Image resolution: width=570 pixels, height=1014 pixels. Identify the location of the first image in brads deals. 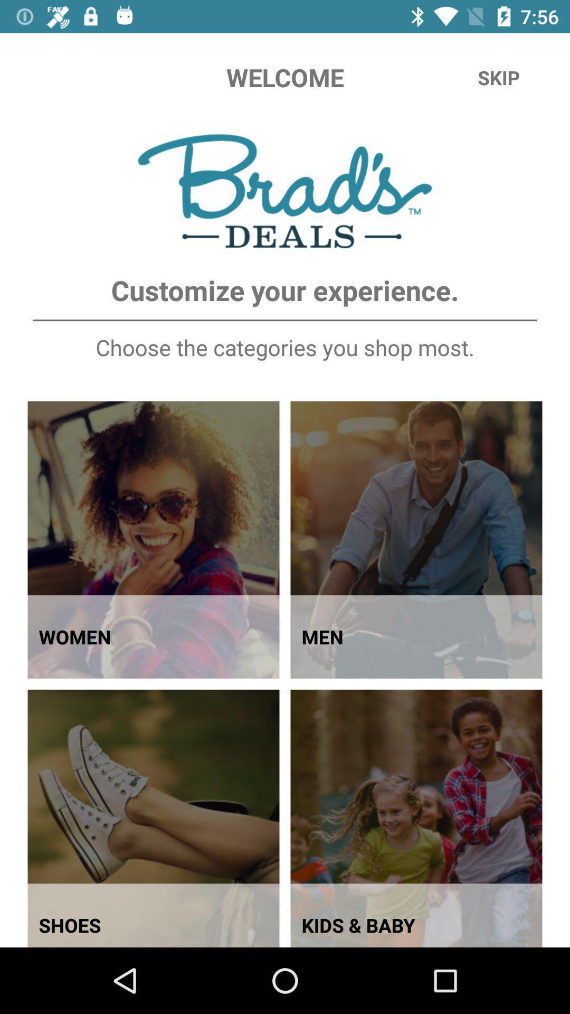
(154, 540).